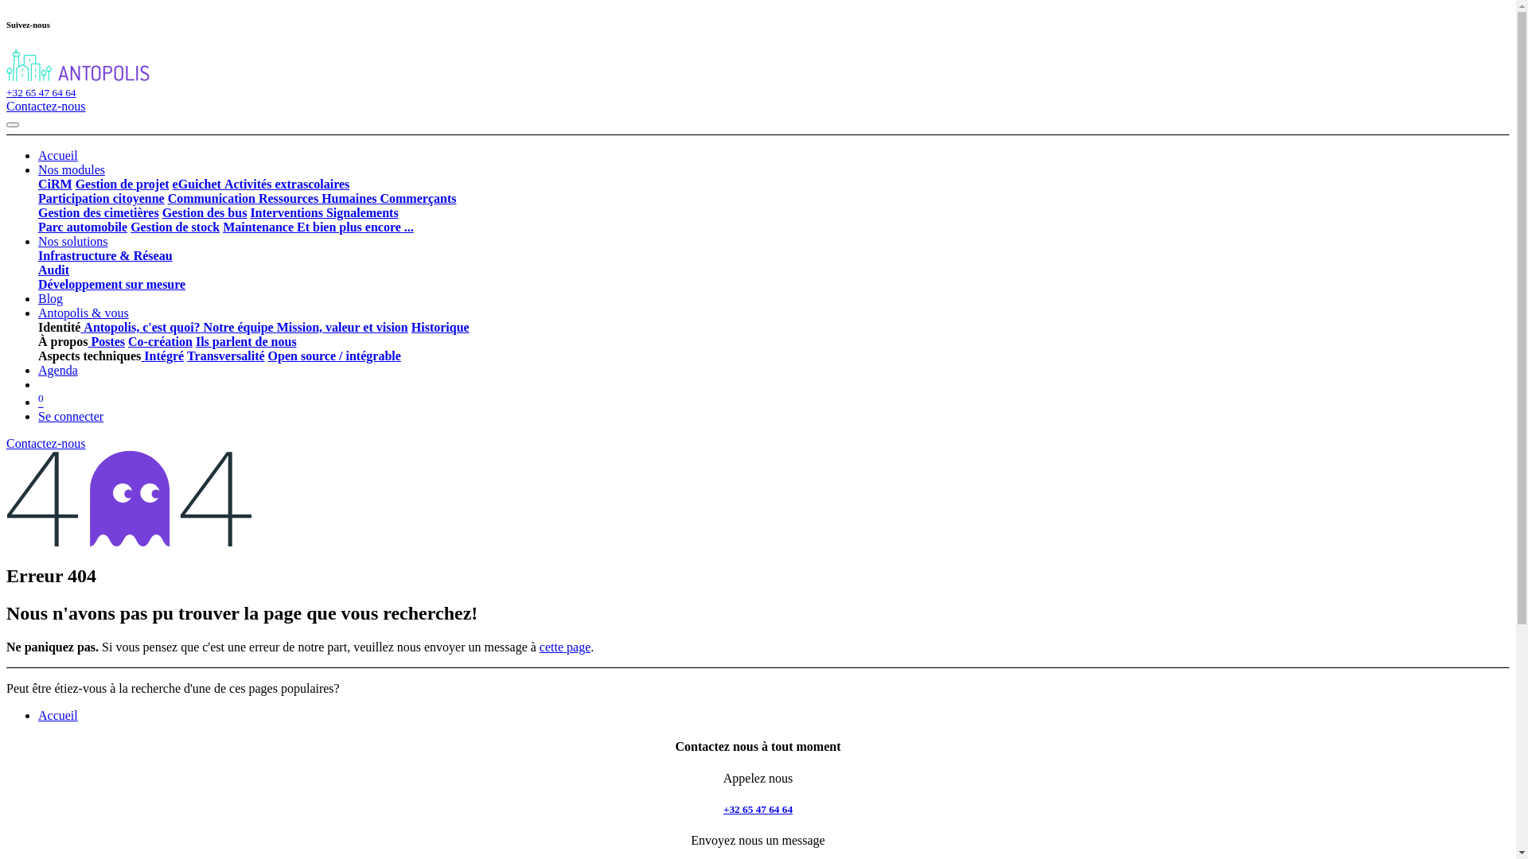 The image size is (1528, 859). I want to click on 'Blog', so click(50, 298).